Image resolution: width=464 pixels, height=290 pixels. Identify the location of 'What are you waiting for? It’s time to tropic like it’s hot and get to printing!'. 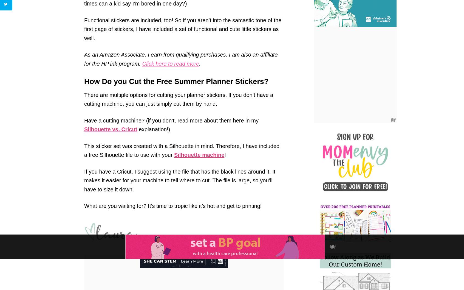
(172, 205).